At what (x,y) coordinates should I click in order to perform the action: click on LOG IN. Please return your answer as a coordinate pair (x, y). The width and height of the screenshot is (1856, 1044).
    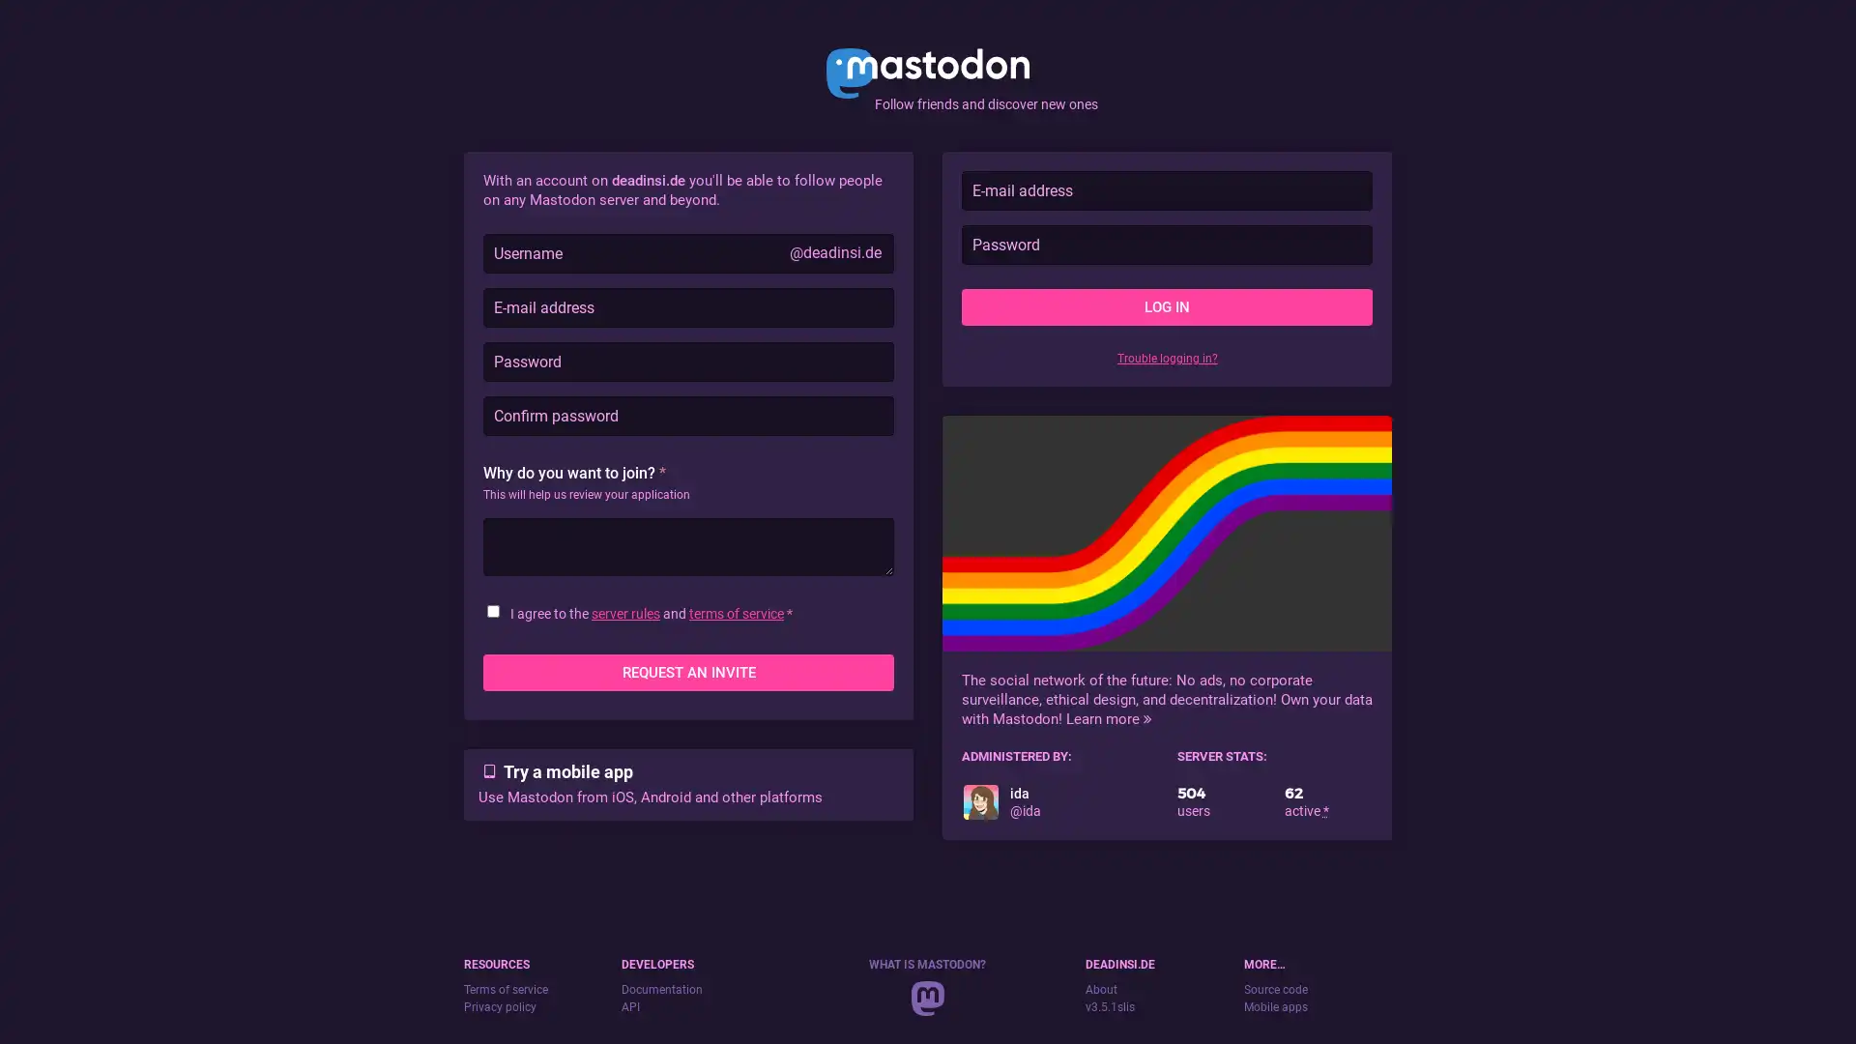
    Looking at the image, I should click on (1166, 305).